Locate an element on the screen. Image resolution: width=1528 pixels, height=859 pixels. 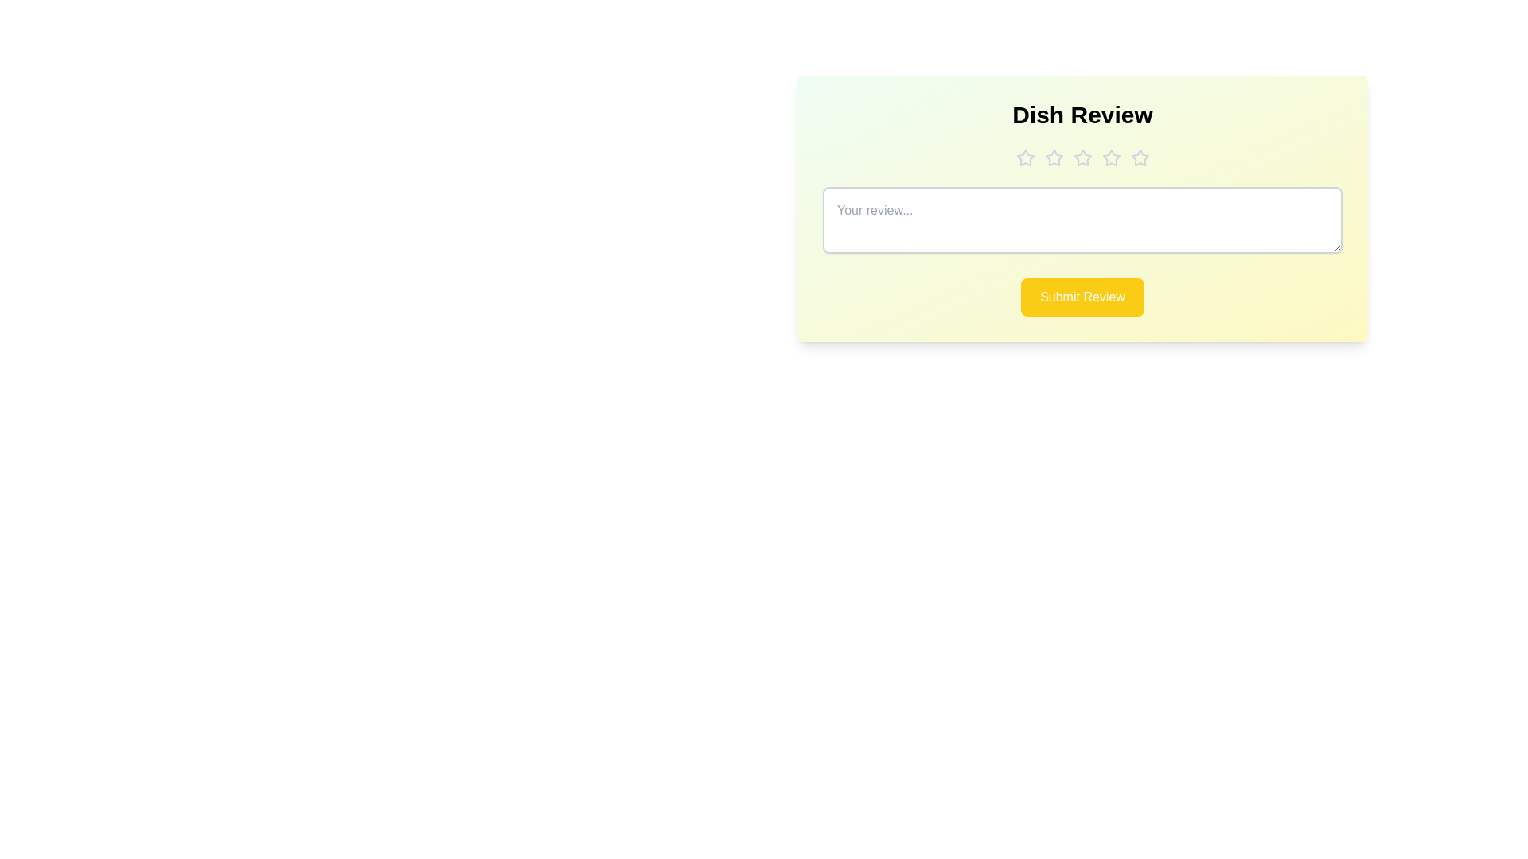
the dish rating to 5 stars by clicking on the corresponding star is located at coordinates (1139, 158).